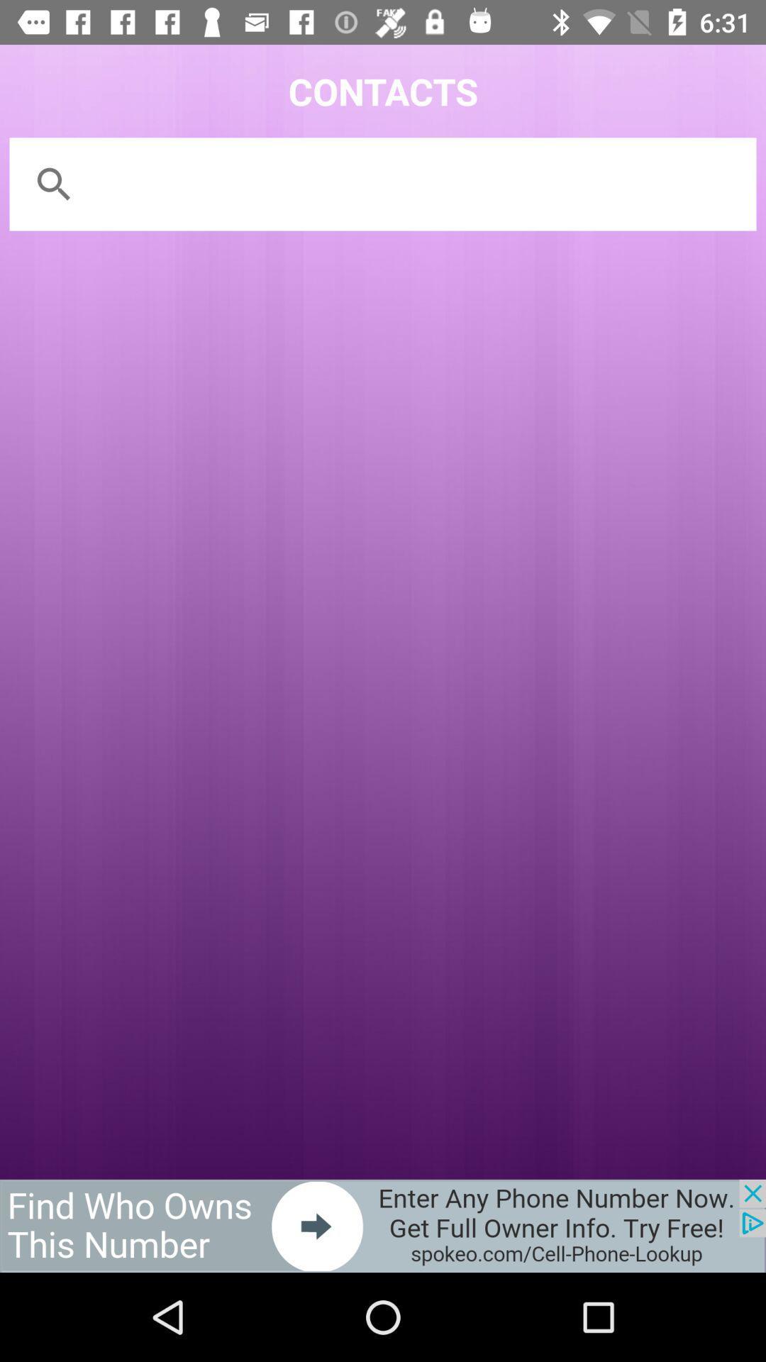 This screenshot has width=766, height=1362. What do you see at coordinates (53, 183) in the screenshot?
I see `the search icon` at bounding box center [53, 183].